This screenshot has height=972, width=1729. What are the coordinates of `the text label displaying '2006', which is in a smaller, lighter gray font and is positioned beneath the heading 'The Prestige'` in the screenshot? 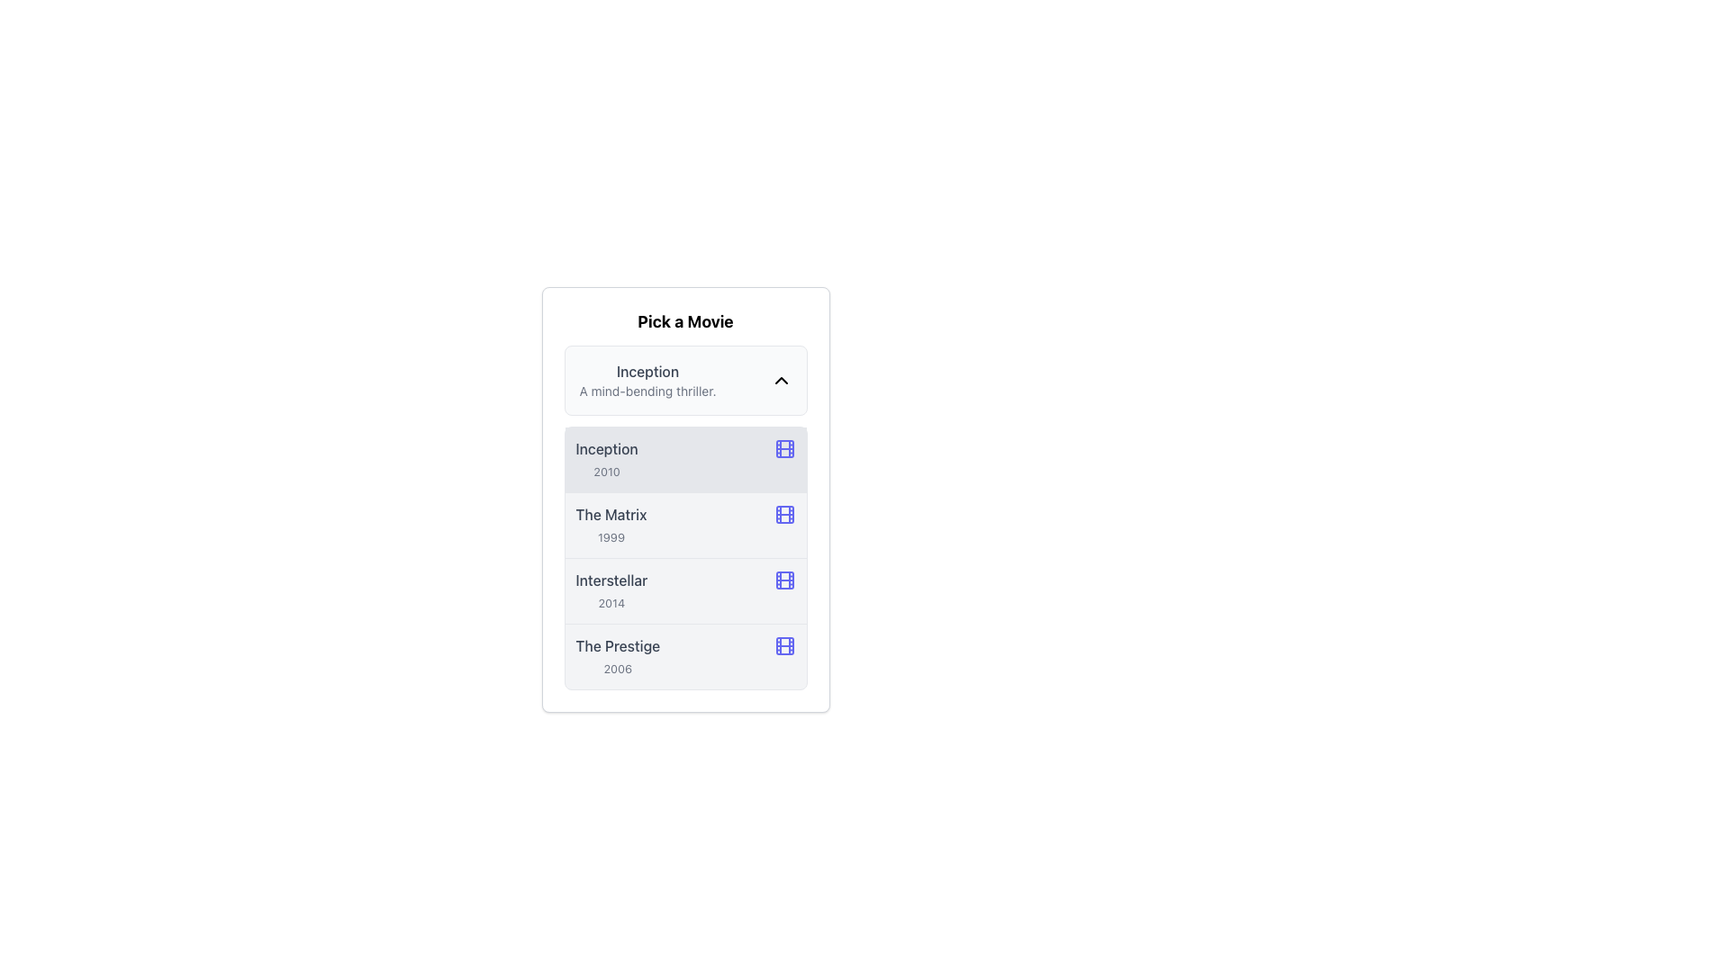 It's located at (618, 669).